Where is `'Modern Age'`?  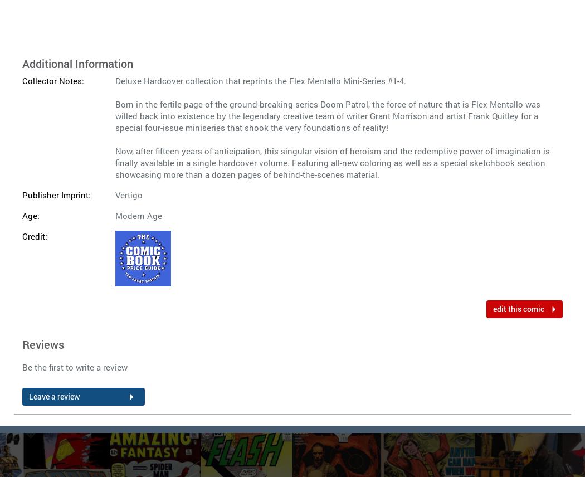 'Modern Age' is located at coordinates (138, 215).